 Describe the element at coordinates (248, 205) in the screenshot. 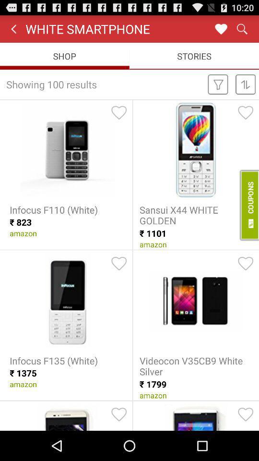

I see `open coupons` at that location.